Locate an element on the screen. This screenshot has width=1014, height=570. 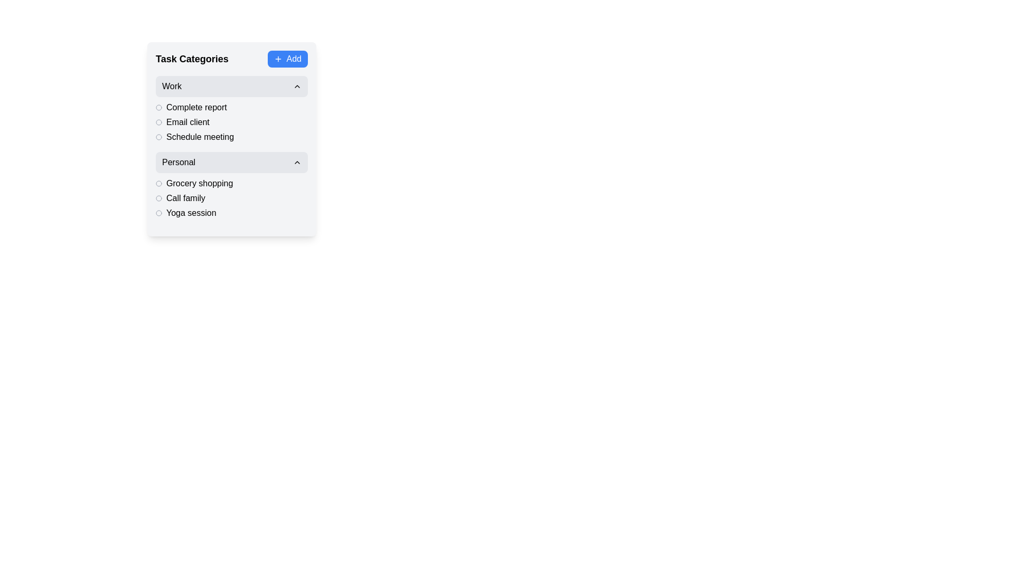
the first Selectable Circle Icon in the 'Work' category list is located at coordinates (158, 108).